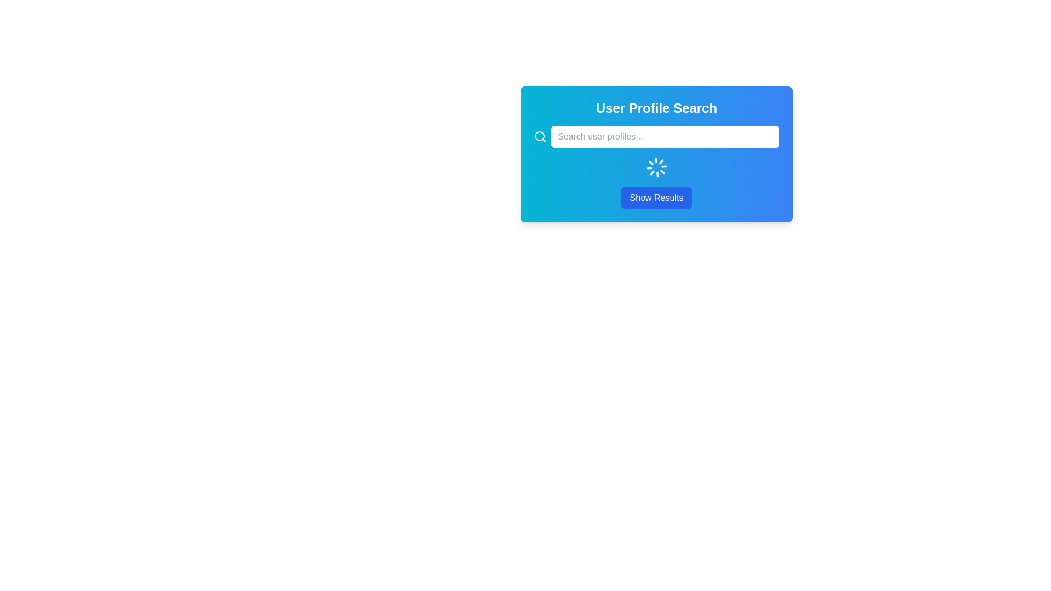 This screenshot has width=1051, height=591. Describe the element at coordinates (656, 167) in the screenshot. I see `the Loader/Spinner element indicating a loading operation within the 'User Profile Search' modal, positioned below the input text field and above the 'Show Results' button` at that location.